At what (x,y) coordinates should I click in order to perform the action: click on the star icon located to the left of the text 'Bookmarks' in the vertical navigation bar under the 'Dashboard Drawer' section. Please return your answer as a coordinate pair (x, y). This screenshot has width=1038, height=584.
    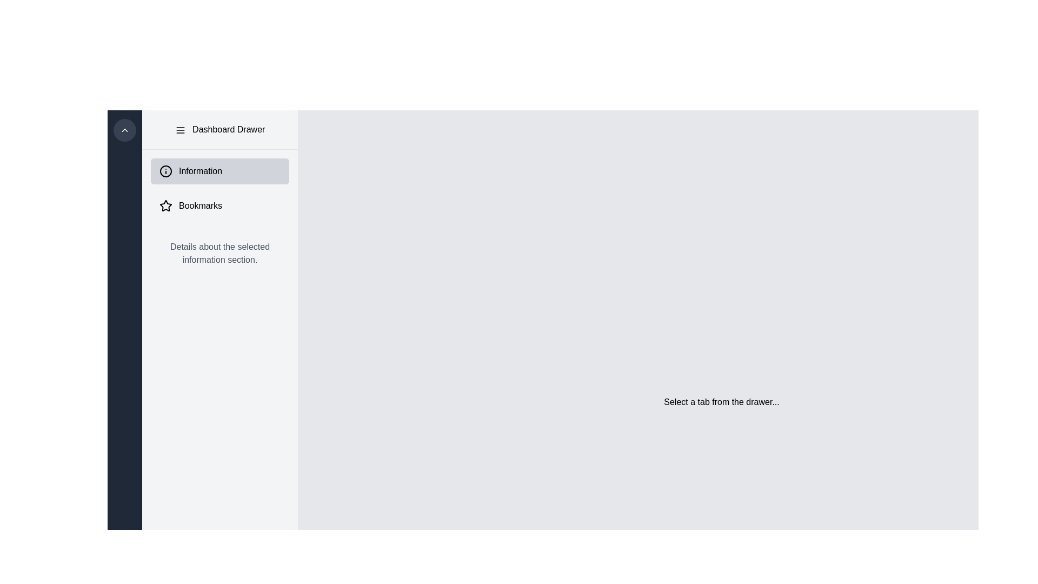
    Looking at the image, I should click on (165, 205).